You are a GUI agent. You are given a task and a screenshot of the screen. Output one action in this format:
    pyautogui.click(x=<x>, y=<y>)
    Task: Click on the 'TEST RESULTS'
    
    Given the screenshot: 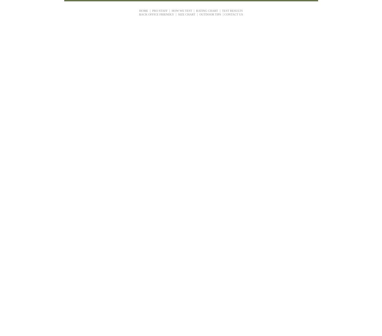 What is the action you would take?
    pyautogui.click(x=232, y=10)
    